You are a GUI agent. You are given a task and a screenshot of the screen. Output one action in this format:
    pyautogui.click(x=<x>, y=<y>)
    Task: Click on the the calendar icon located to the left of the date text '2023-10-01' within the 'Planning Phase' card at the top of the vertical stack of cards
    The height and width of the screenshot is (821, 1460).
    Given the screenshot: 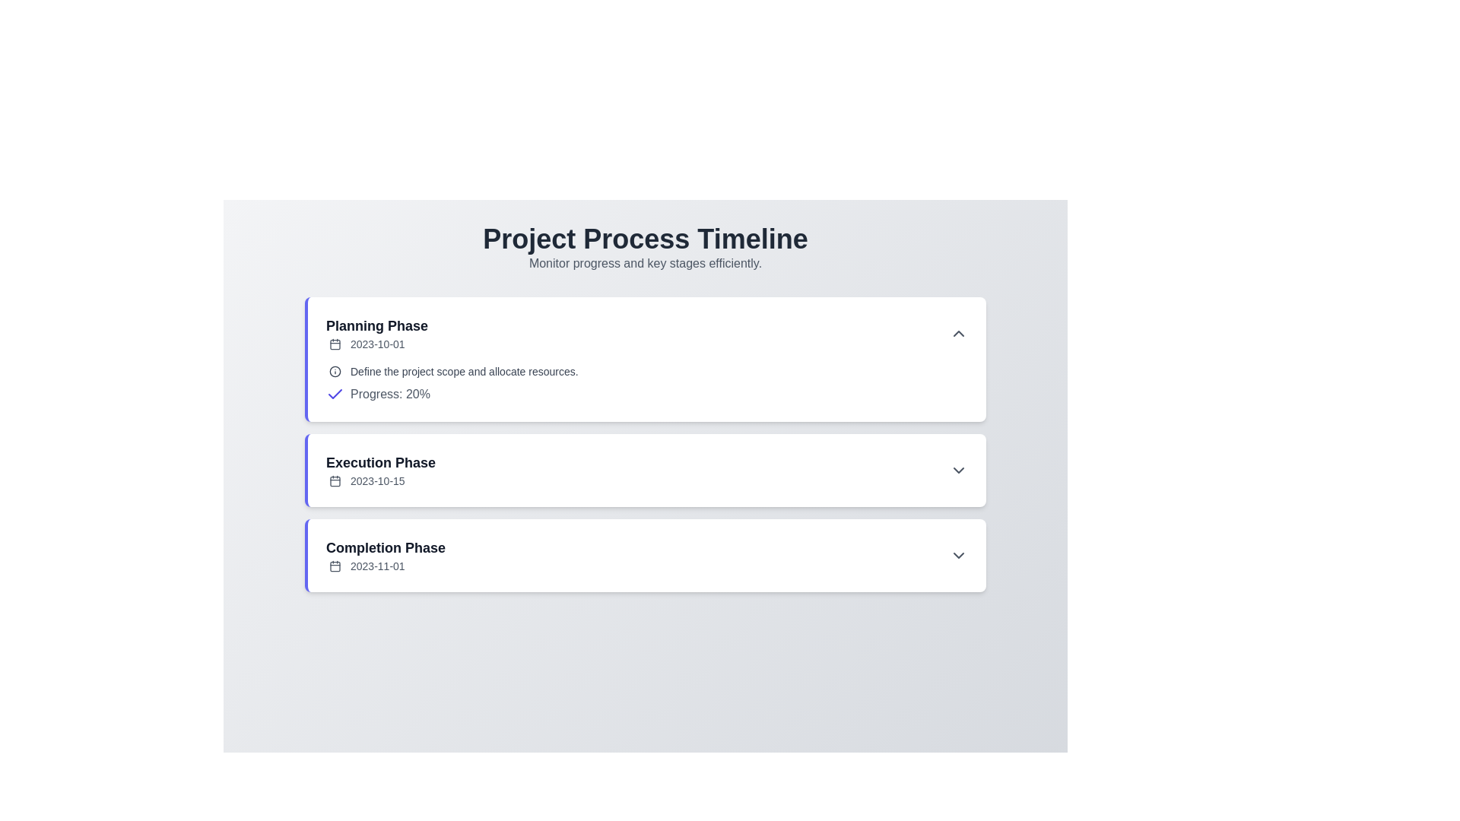 What is the action you would take?
    pyautogui.click(x=335, y=344)
    